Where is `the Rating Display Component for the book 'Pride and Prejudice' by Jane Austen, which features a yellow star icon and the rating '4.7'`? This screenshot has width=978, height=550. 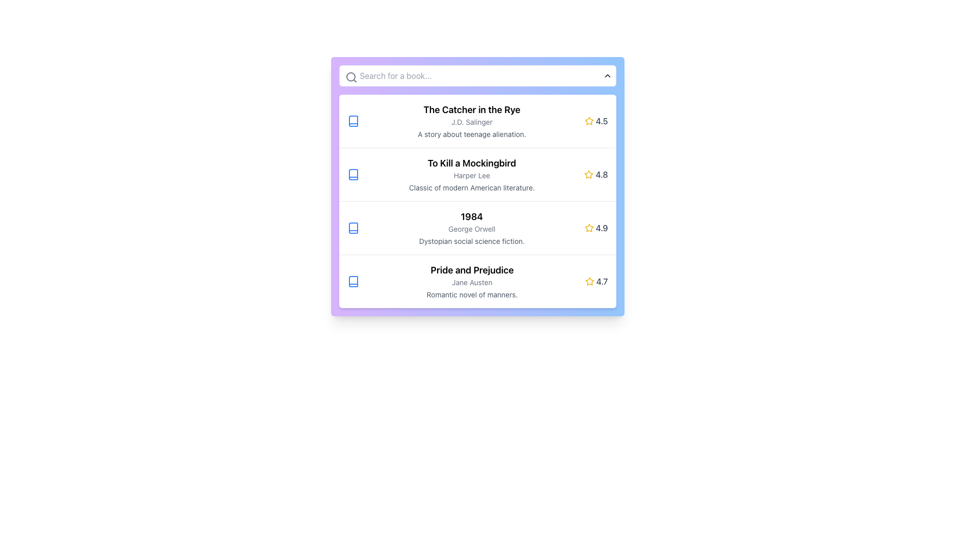 the Rating Display Component for the book 'Pride and Prejudice' by Jane Austen, which features a yellow star icon and the rating '4.7' is located at coordinates (596, 281).